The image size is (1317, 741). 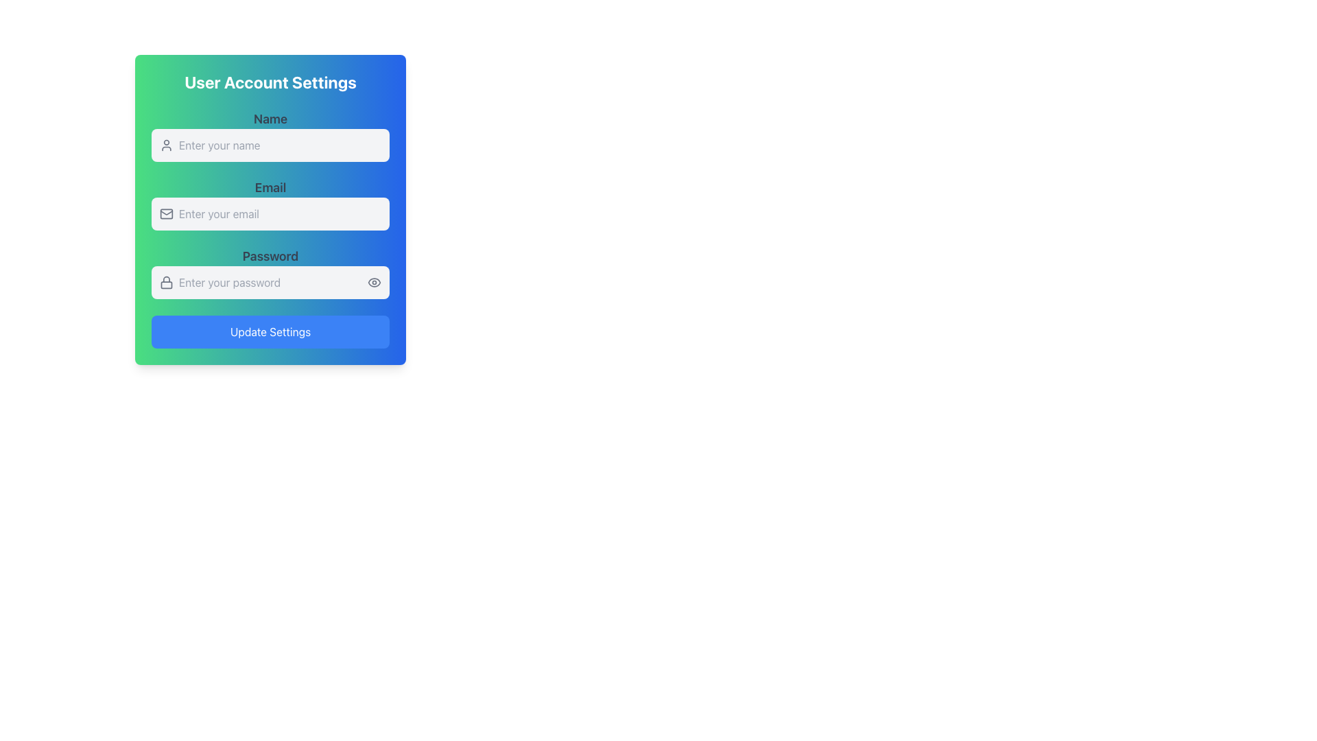 What do you see at coordinates (270, 135) in the screenshot?
I see `the 'Name' input field, which is the first field under the 'User Account Settings' title, featuring a placeholder 'Enter your name' and a user icon on the left` at bounding box center [270, 135].